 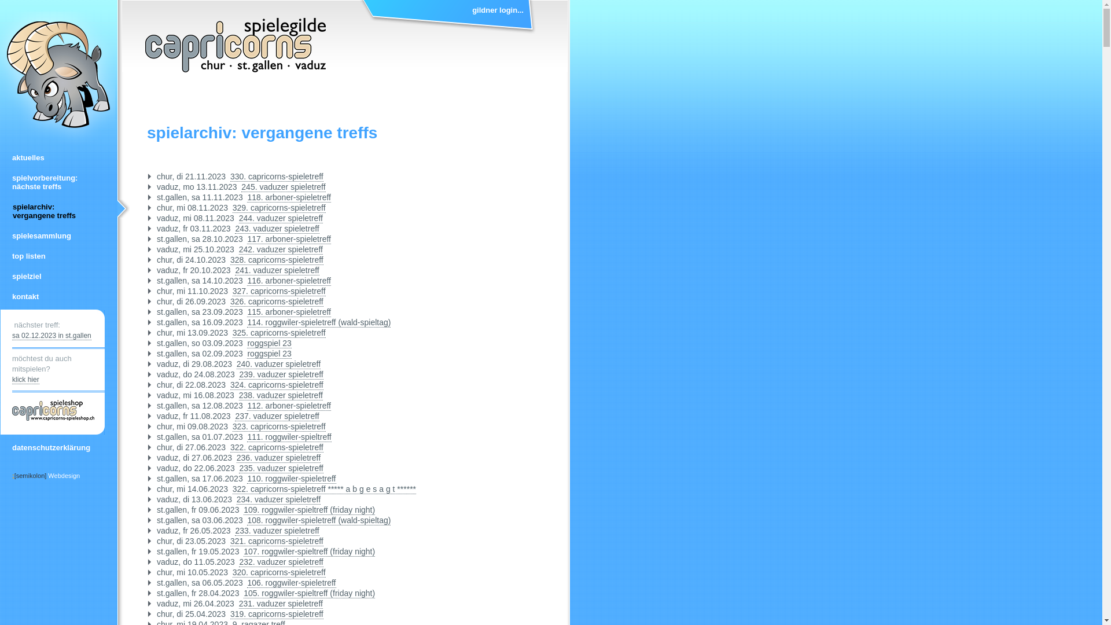 I want to click on '111. roggwiler-spieltreff', so click(x=289, y=437).